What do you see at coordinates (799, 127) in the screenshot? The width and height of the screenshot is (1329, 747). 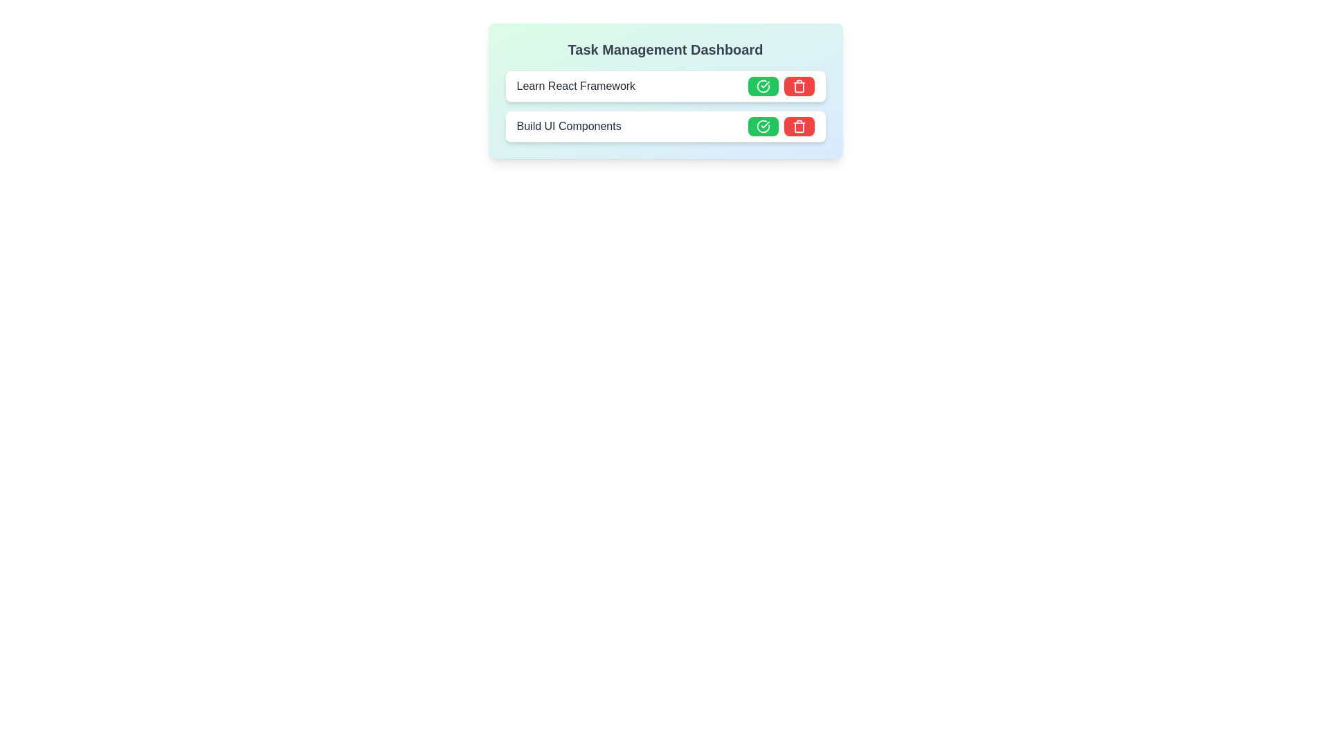 I see `the trash can icon element` at bounding box center [799, 127].